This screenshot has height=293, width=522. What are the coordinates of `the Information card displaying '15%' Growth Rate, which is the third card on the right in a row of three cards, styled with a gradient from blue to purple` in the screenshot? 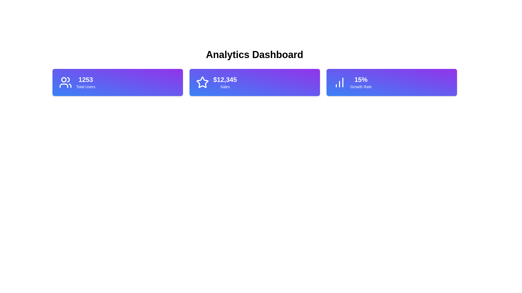 It's located at (391, 82).